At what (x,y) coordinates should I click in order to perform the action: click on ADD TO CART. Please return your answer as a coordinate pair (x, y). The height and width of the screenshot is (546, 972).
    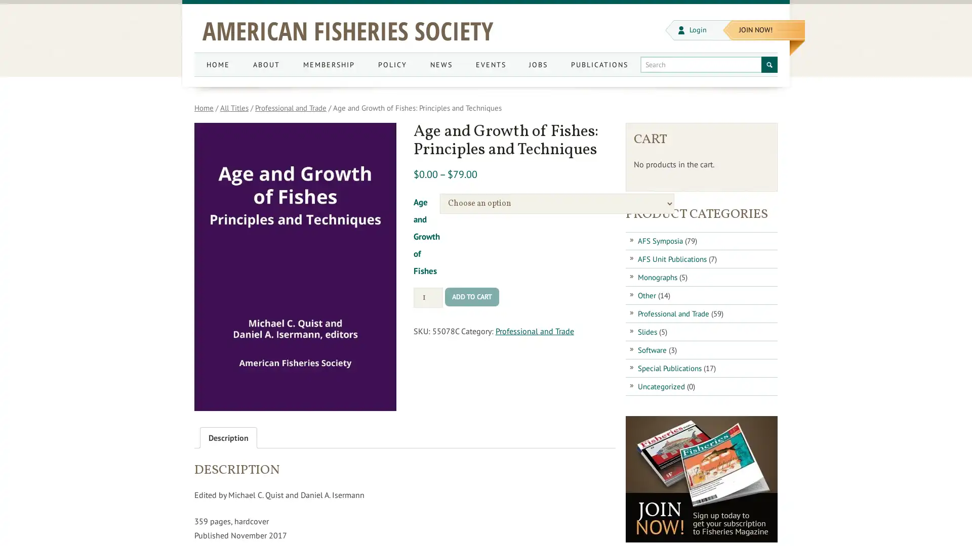
    Looking at the image, I should click on (471, 296).